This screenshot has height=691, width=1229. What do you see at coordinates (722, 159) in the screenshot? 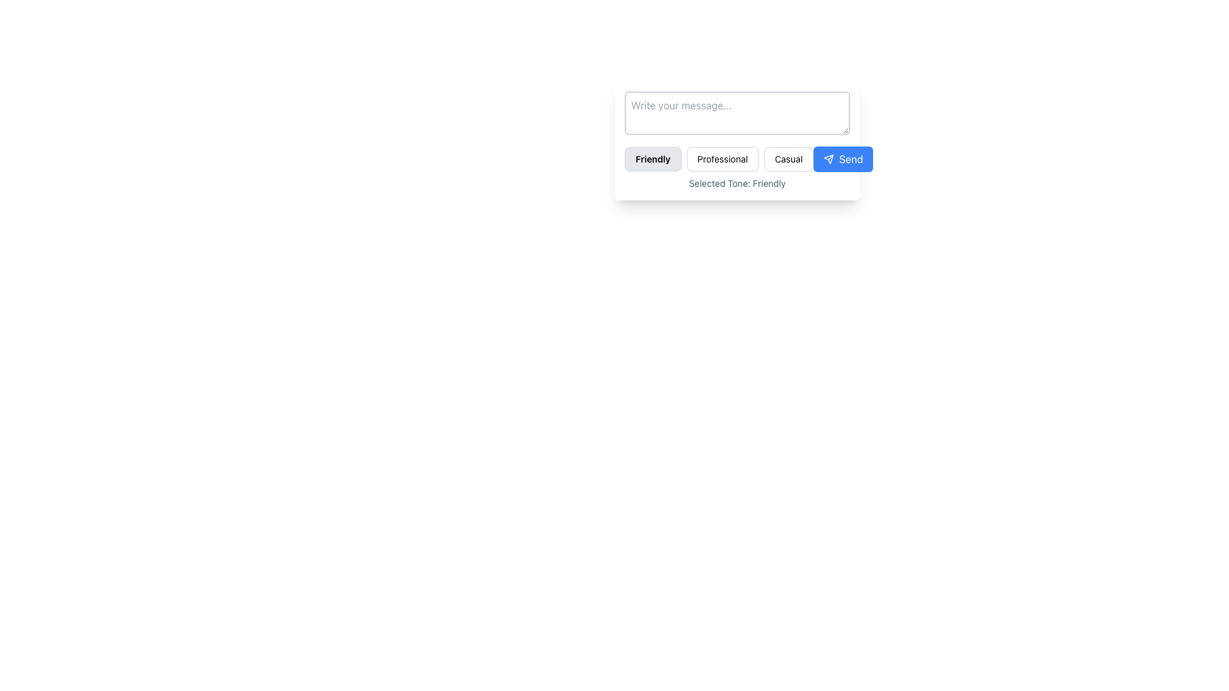
I see `the 'Professional' button, which is centrally located in a row of three buttons` at bounding box center [722, 159].